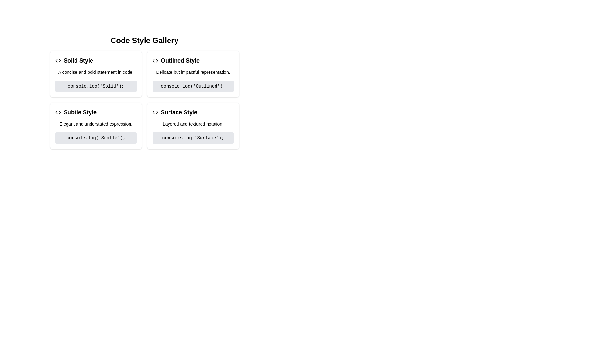  What do you see at coordinates (153, 112) in the screenshot?
I see `the leftward-pointing arrow icon within the SVG that represents the 'Surface Style' in the bottom right quadrant of the layout` at bounding box center [153, 112].